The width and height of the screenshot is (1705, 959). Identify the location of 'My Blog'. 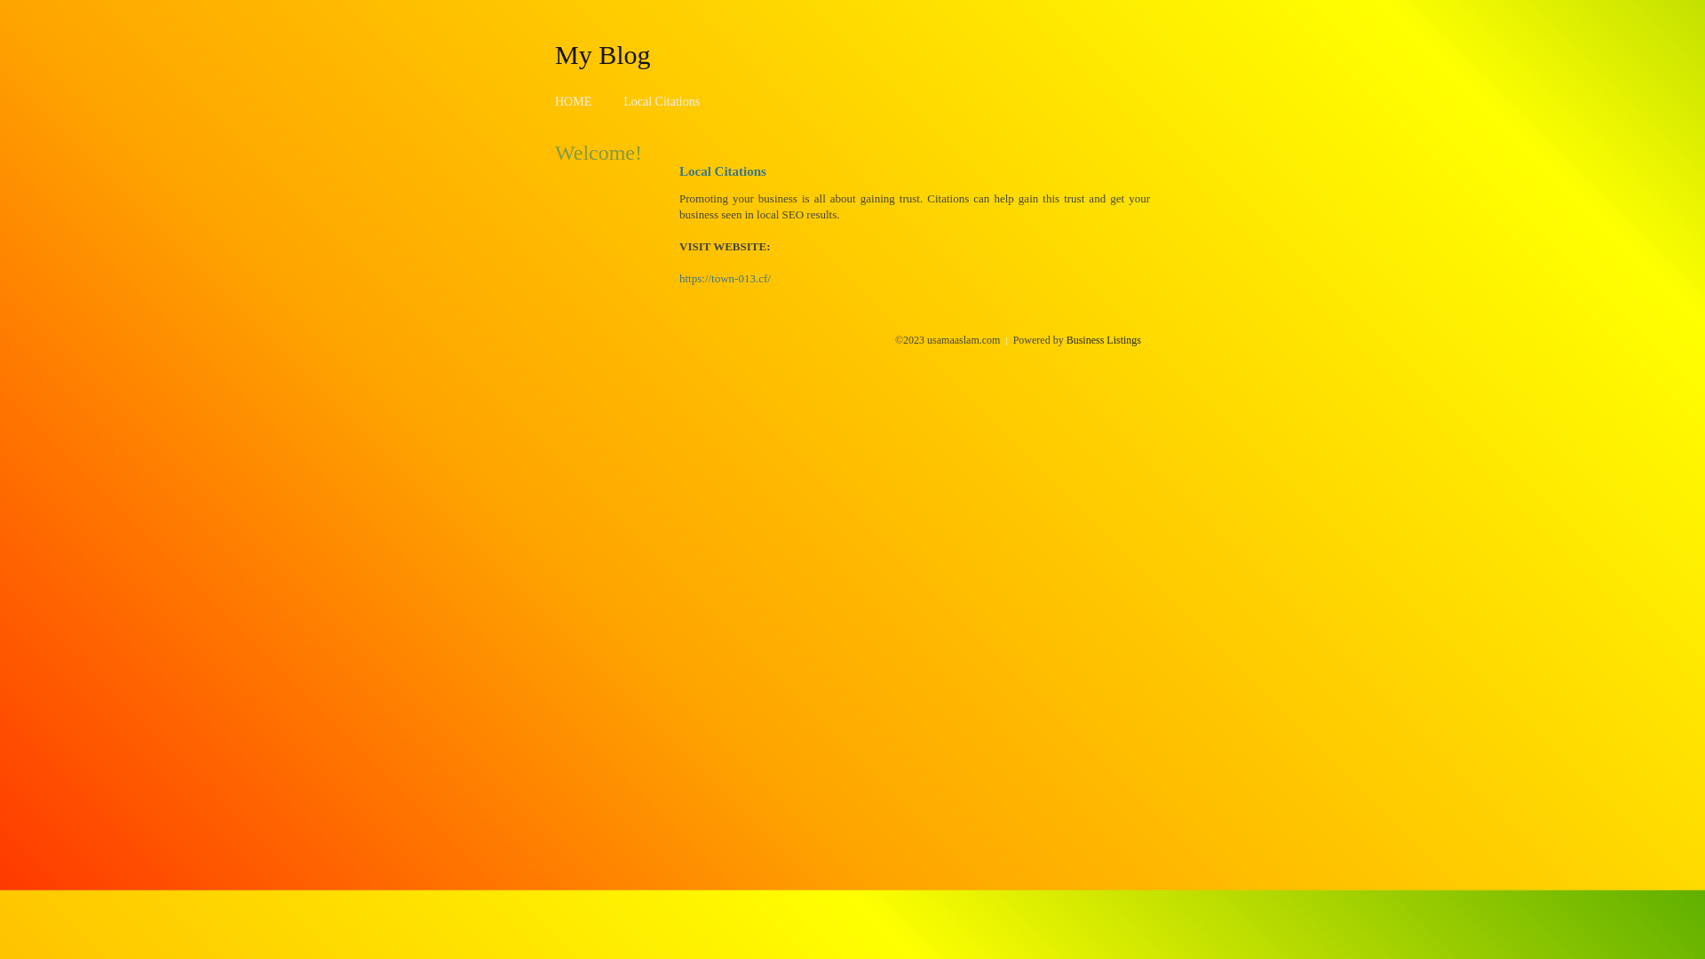
(553, 53).